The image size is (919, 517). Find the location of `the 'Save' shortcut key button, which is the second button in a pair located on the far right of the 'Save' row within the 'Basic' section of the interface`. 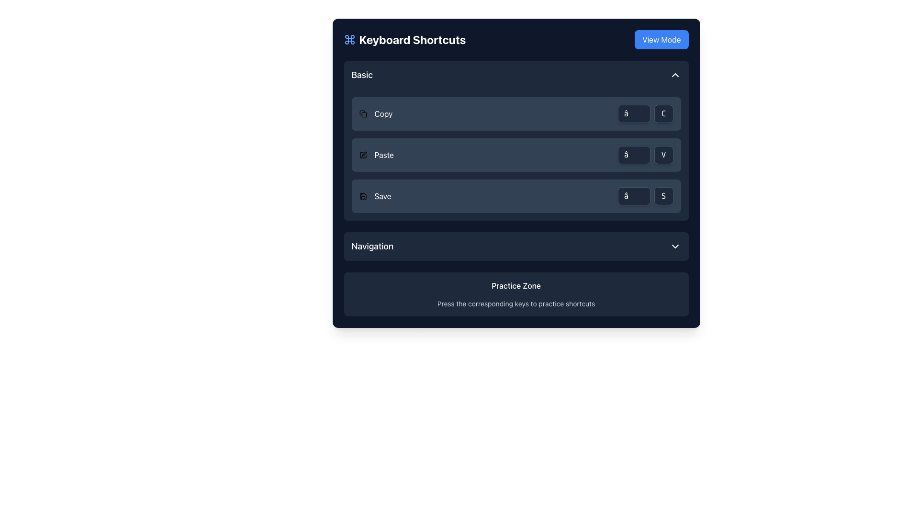

the 'Save' shortcut key button, which is the second button in a pair located on the far right of the 'Save' row within the 'Basic' section of the interface is located at coordinates (663, 195).